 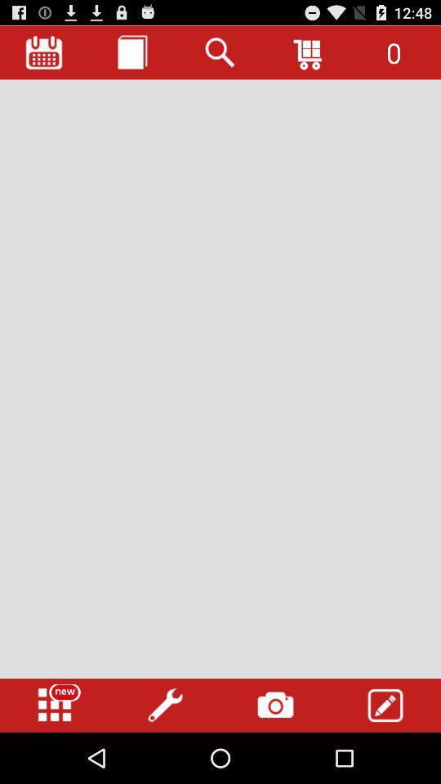 I want to click on open calendar, so click(x=44, y=52).